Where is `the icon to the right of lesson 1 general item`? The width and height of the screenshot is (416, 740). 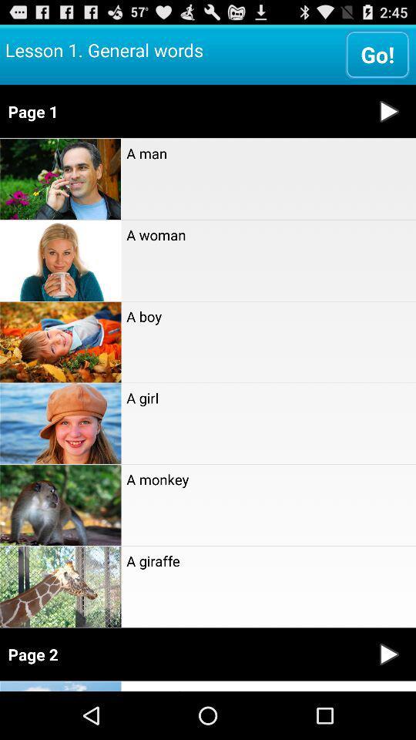
the icon to the right of lesson 1 general item is located at coordinates (377, 54).